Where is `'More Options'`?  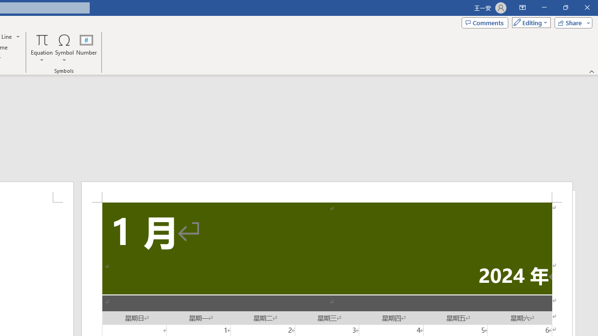
'More Options' is located at coordinates (42, 56).